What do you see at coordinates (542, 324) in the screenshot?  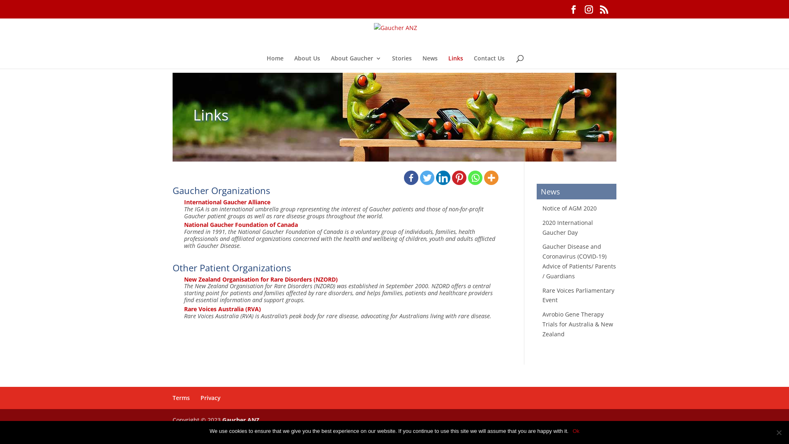 I see `'Avrobio Gene Therapy Trials for Australia & New Zealand'` at bounding box center [542, 324].